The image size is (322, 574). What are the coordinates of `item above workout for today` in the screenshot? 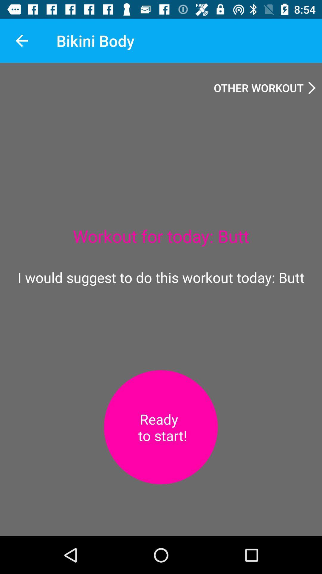 It's located at (264, 87).